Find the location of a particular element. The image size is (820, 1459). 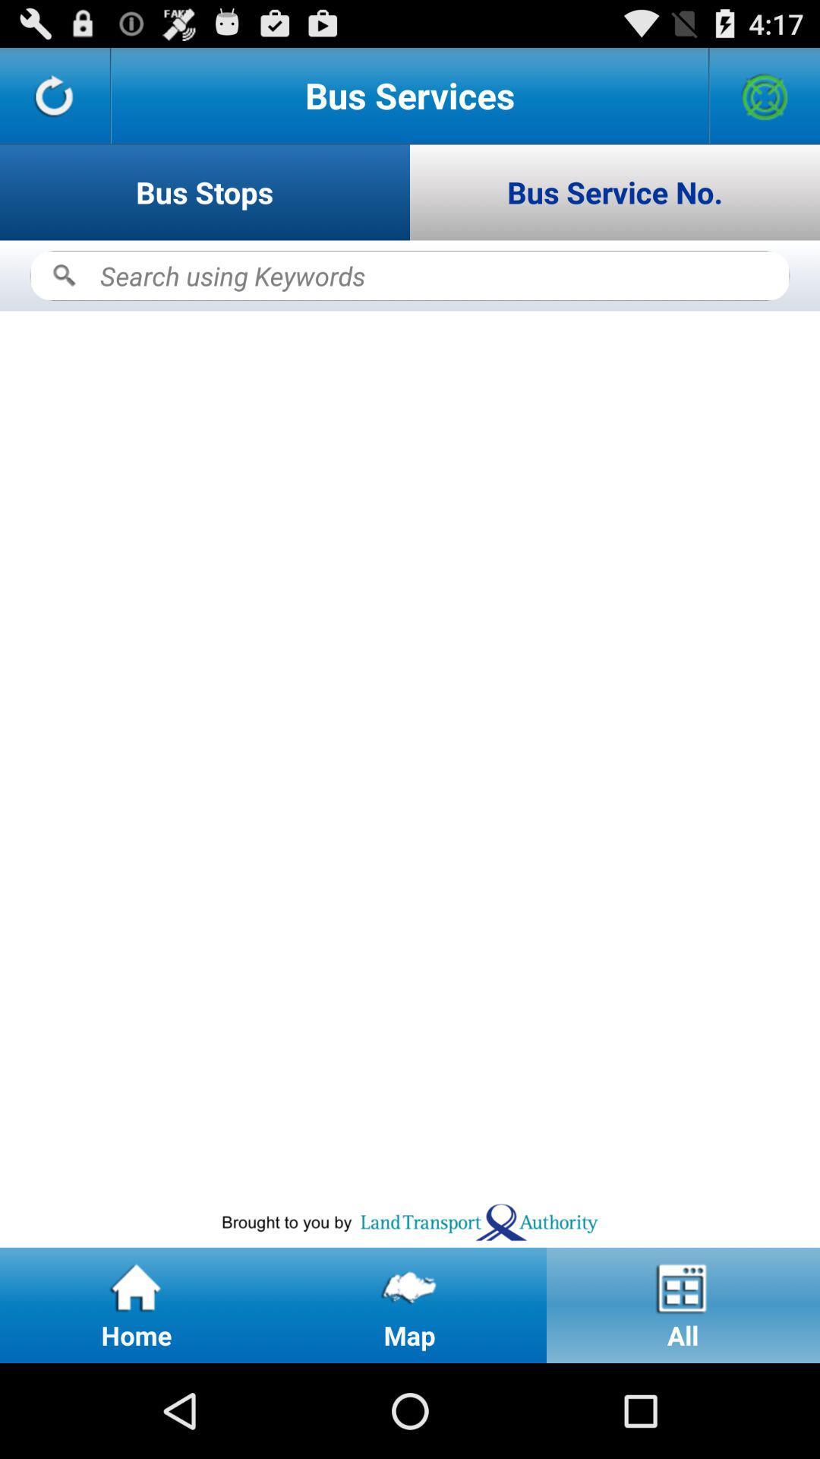

the refresh icon is located at coordinates (54, 101).